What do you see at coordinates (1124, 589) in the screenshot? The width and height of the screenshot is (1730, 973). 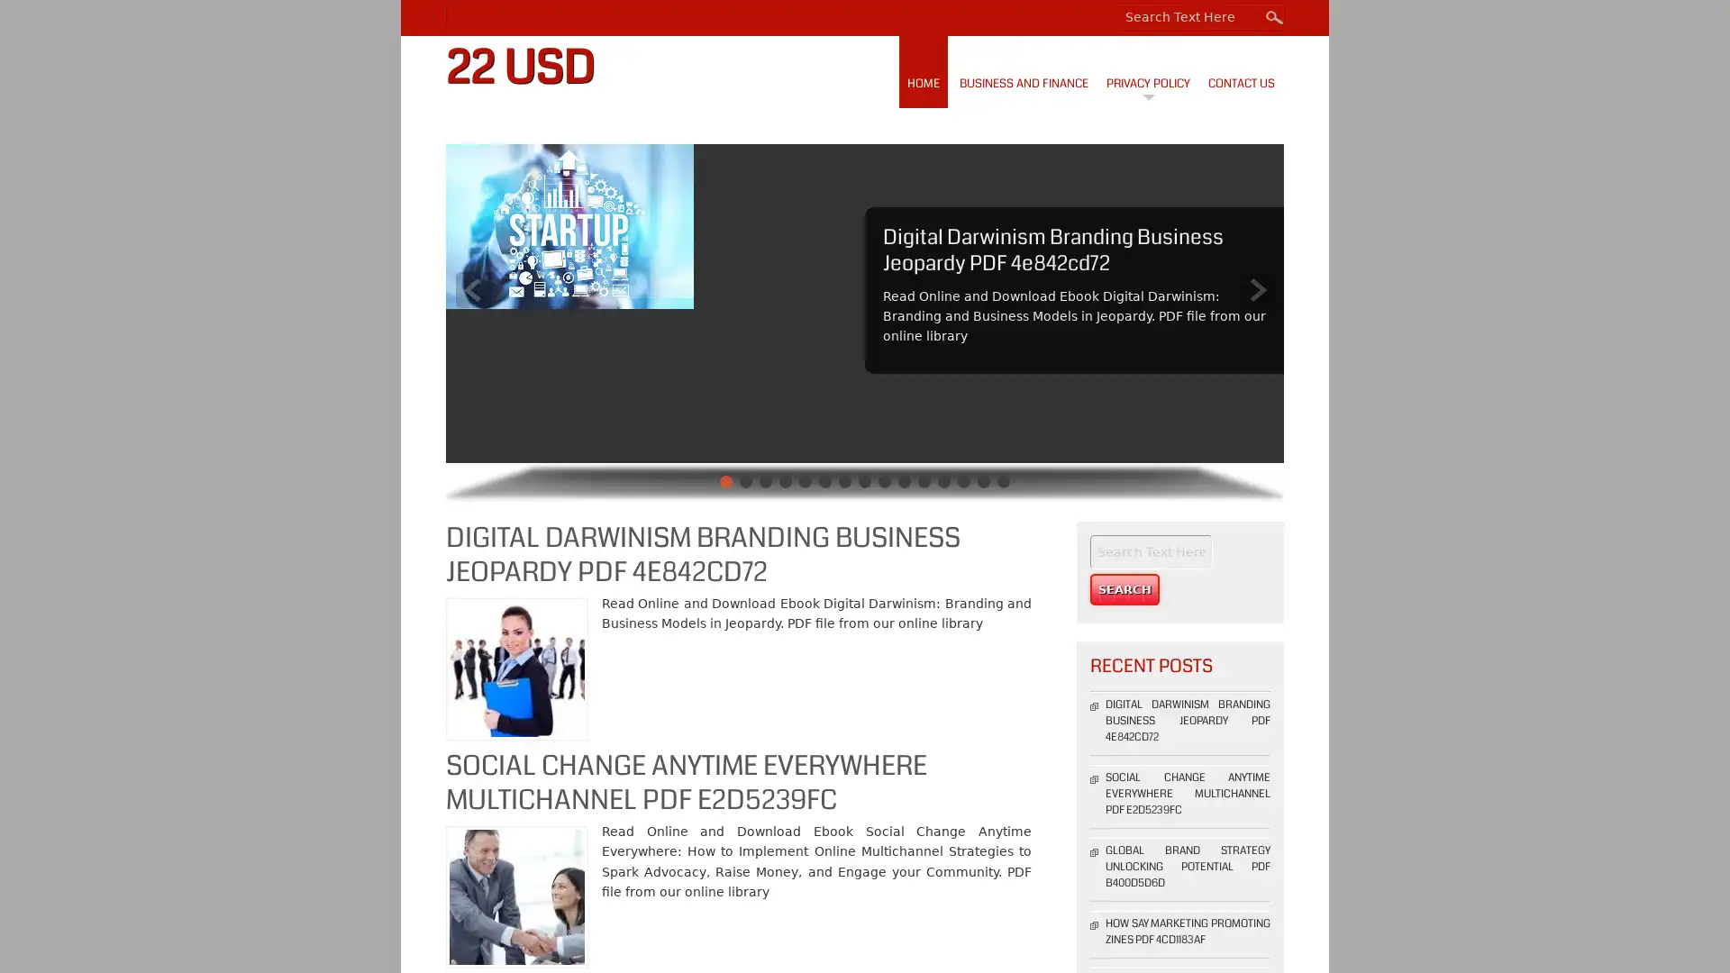 I see `Search` at bounding box center [1124, 589].